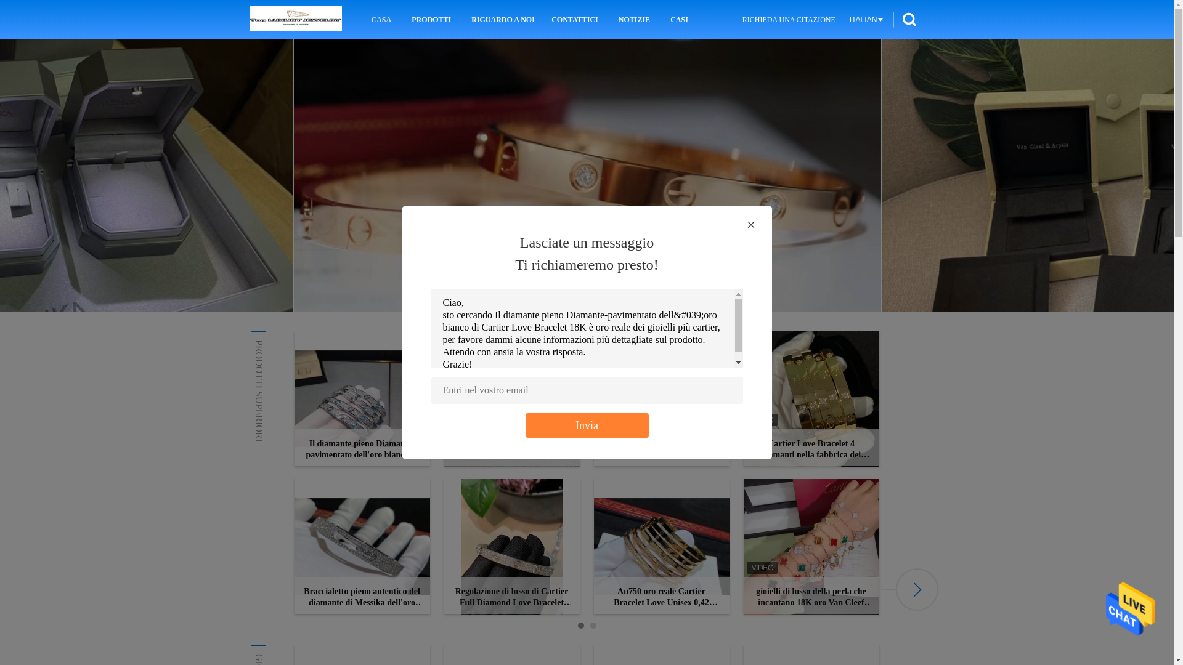 This screenshot has height=665, width=1183. Describe the element at coordinates (574, 19) in the screenshot. I see `'CONTATTICI'` at that location.